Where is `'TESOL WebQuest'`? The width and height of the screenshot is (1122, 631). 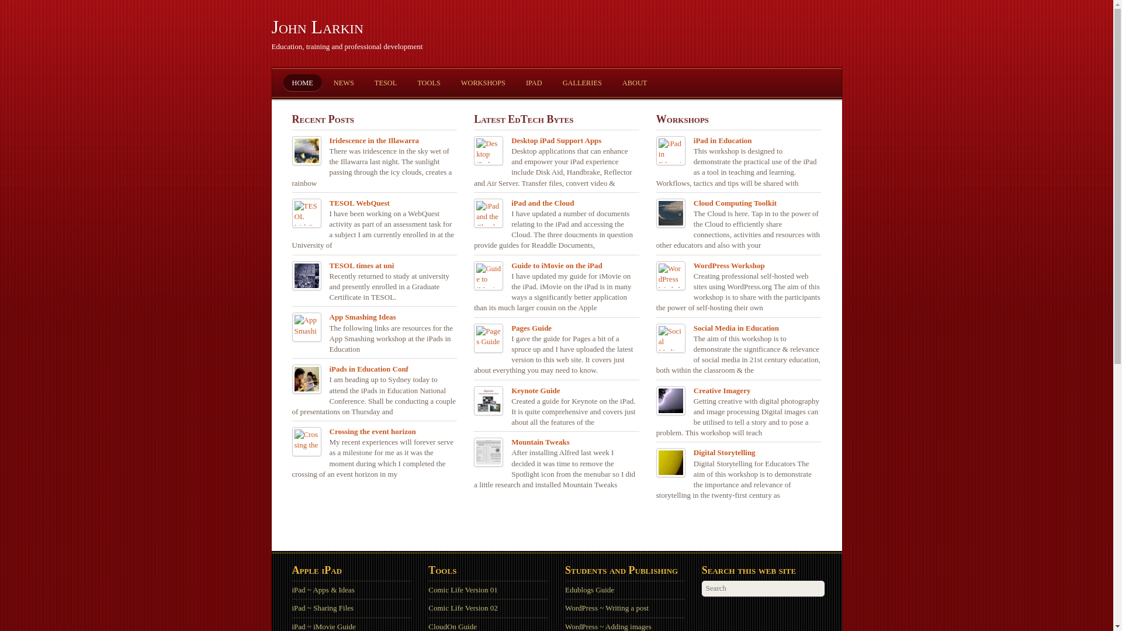
'TESOL WebQuest' is located at coordinates (359, 202).